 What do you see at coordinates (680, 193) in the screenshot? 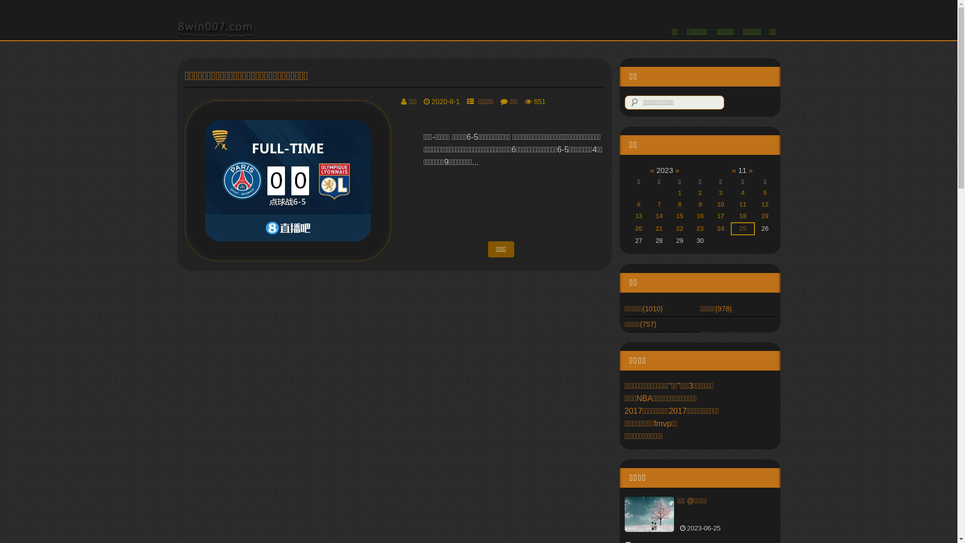
I see `'1'` at bounding box center [680, 193].